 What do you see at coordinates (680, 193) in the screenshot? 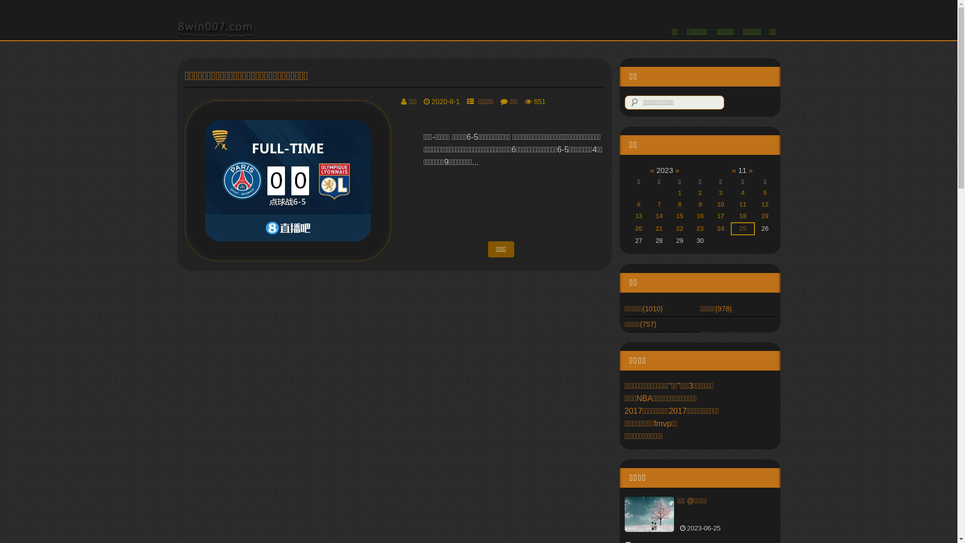
I see `'1'` at bounding box center [680, 193].